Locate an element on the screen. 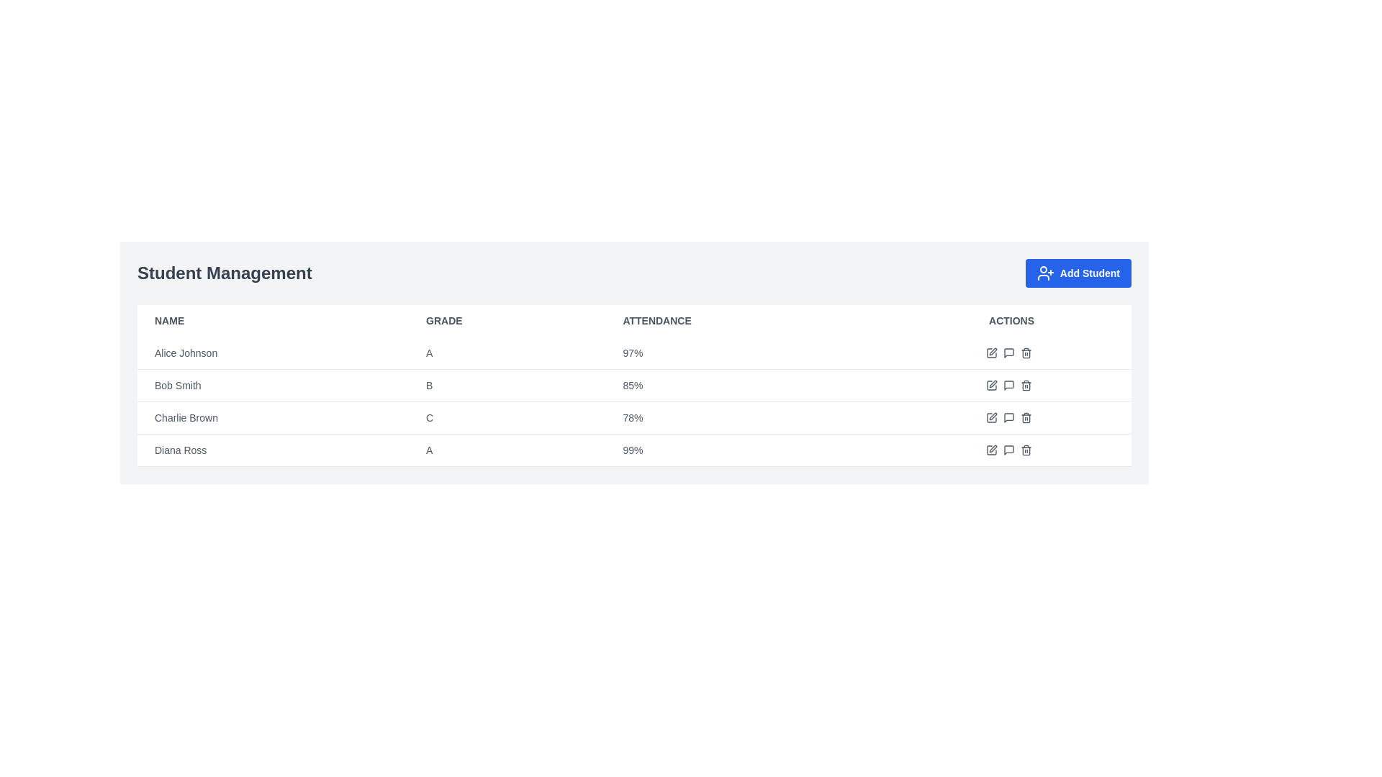  the pen icon button in the 'Actions' column of the second row of the 'Student Management' table to initiate an edit action is located at coordinates (990, 385).